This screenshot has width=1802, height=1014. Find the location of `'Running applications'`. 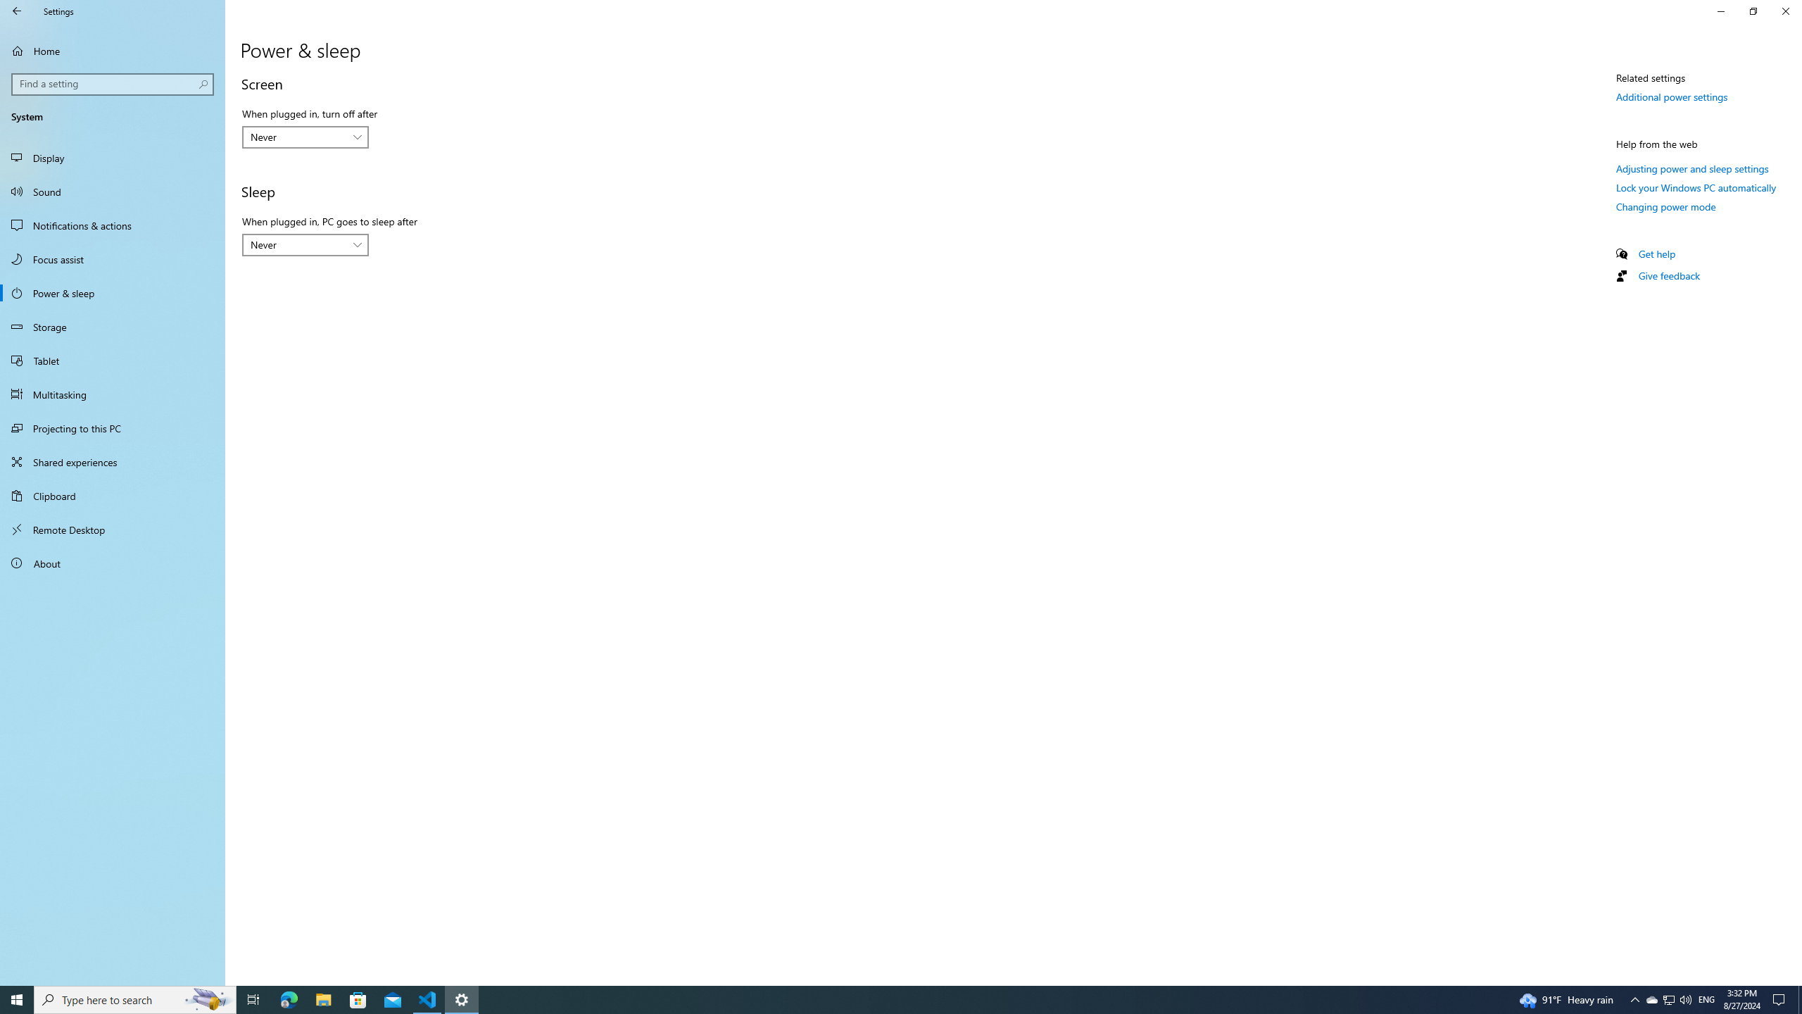

'Running applications' is located at coordinates (874, 999).